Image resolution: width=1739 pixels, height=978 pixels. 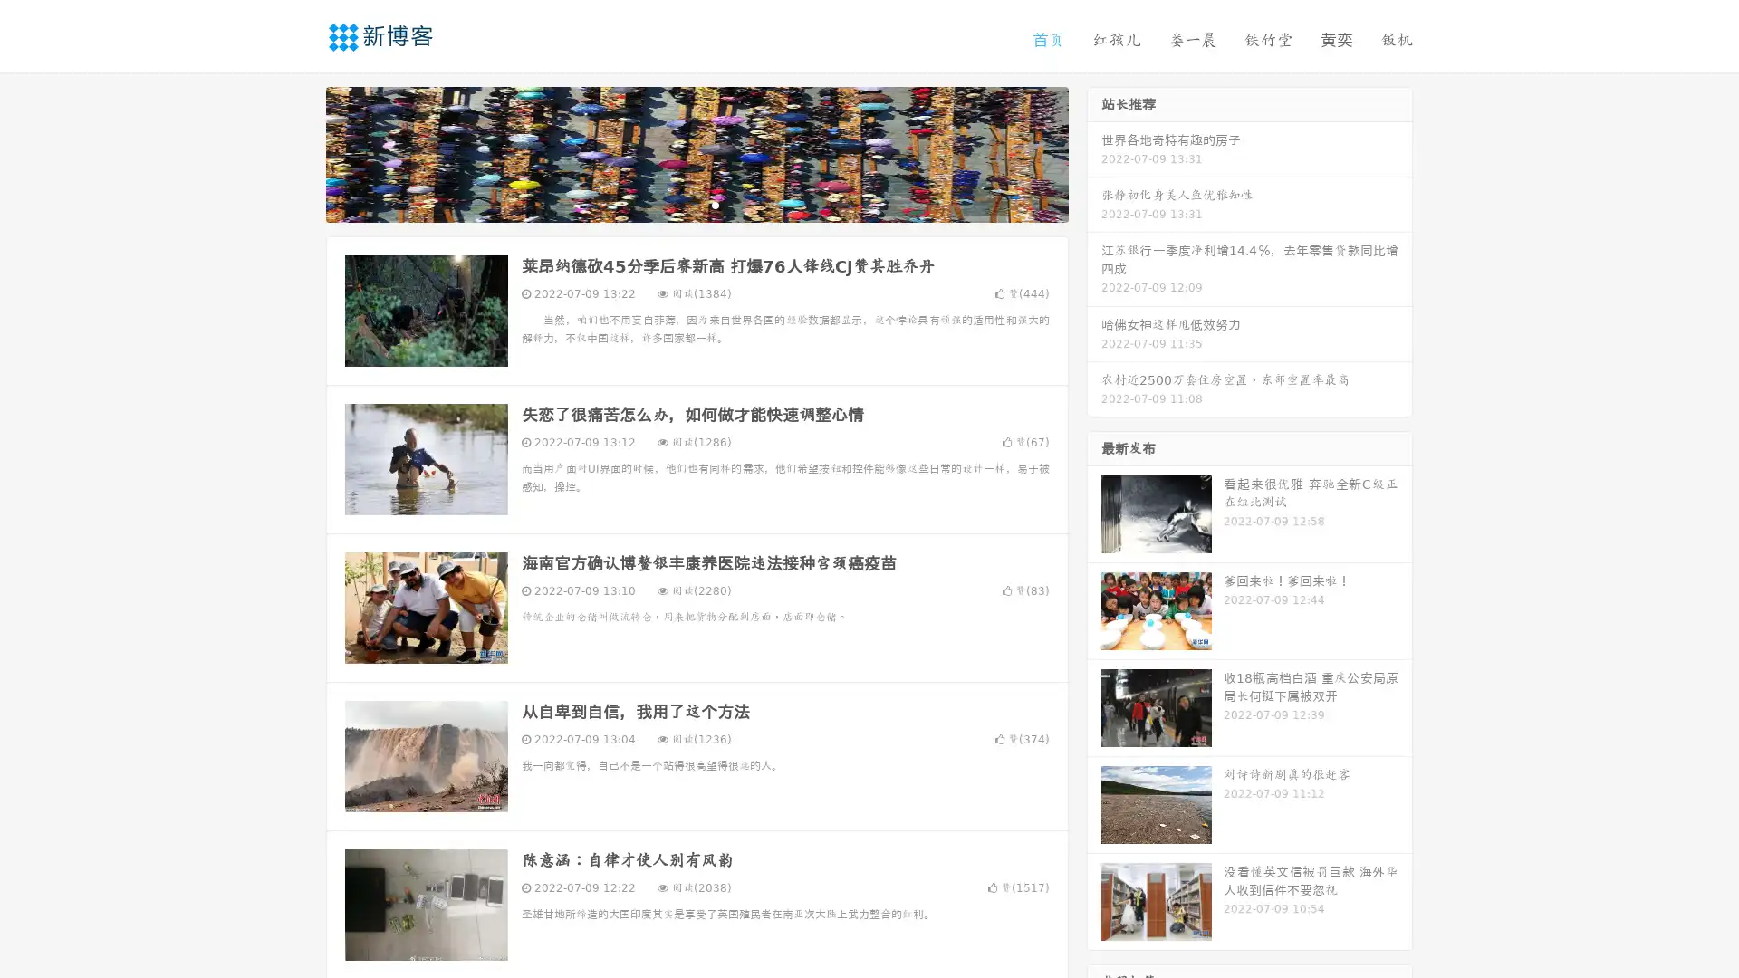 I want to click on Go to slide 3, so click(x=715, y=204).